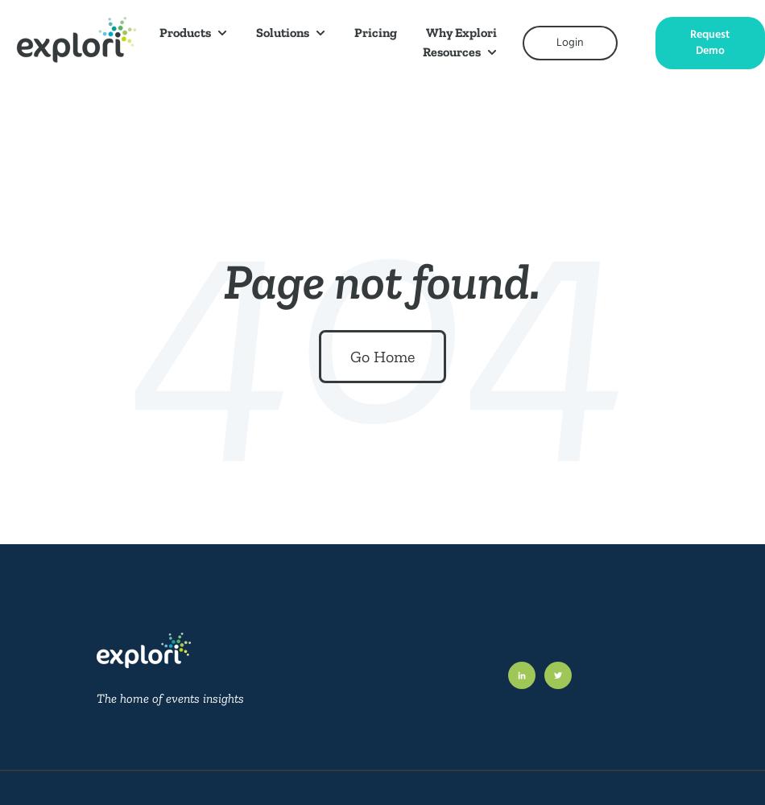 The height and width of the screenshot is (805, 765). What do you see at coordinates (382, 356) in the screenshot?
I see `'Go Home'` at bounding box center [382, 356].